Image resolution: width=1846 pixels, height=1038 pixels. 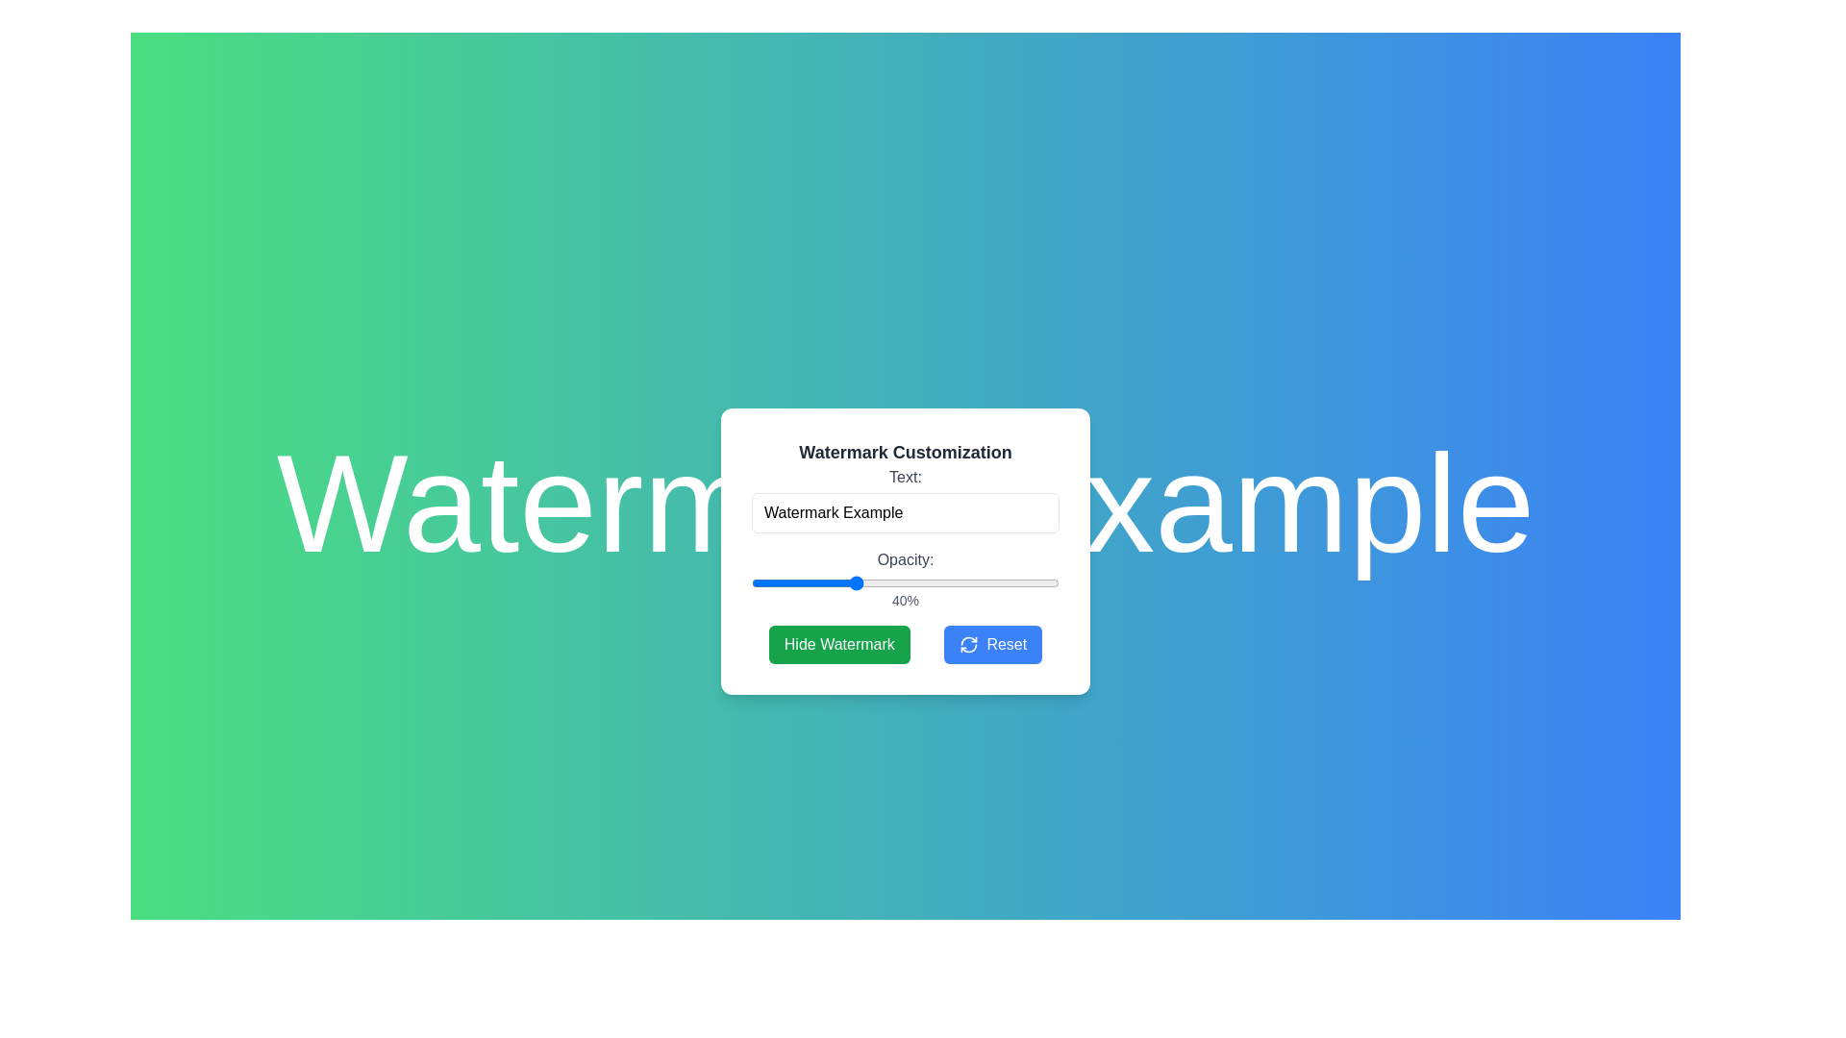 I want to click on the reset icon located to the left of the 'Reset' text label in the 'Watermark Customization' popup, so click(x=969, y=645).